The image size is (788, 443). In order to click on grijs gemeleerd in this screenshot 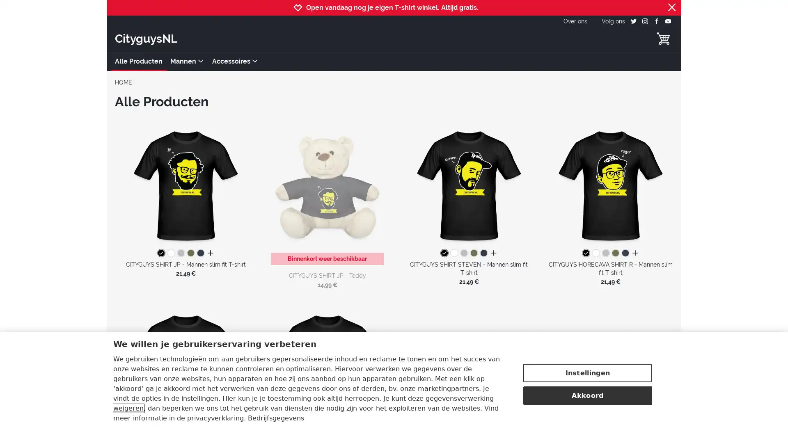, I will do `click(463, 253)`.